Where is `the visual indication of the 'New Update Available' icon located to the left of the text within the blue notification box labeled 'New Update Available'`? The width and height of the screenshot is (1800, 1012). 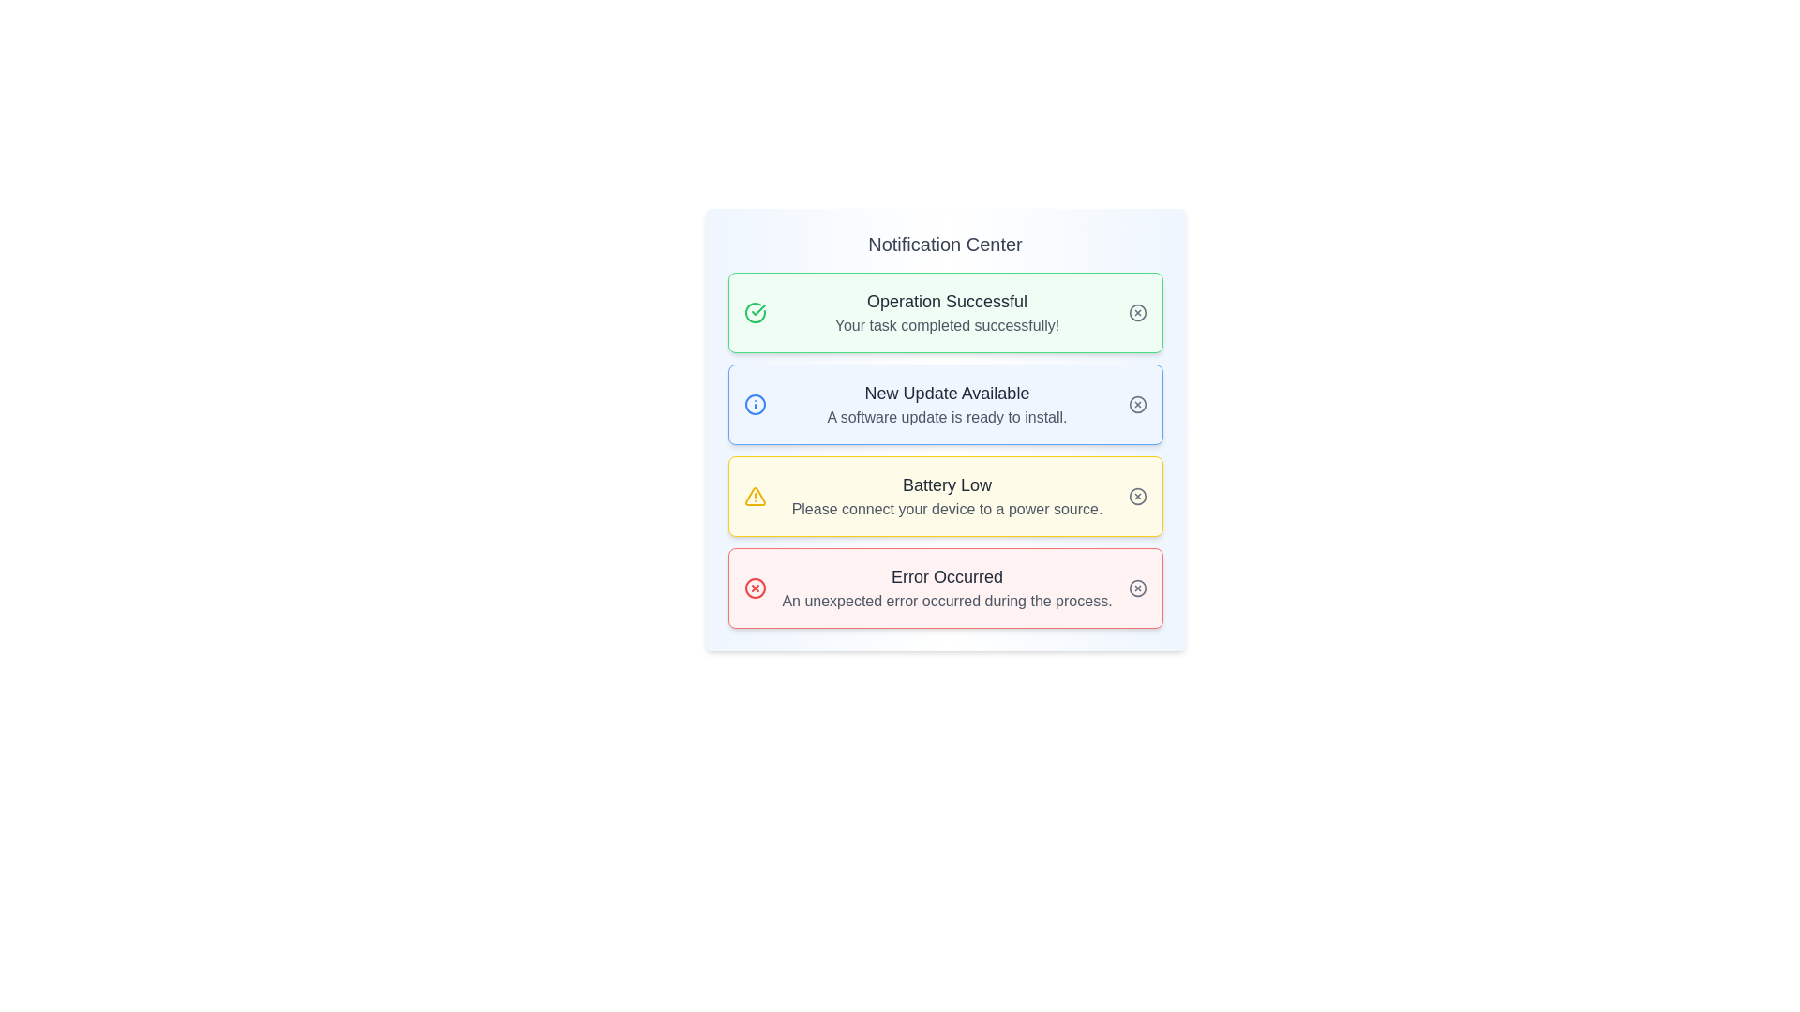 the visual indication of the 'New Update Available' icon located to the left of the text within the blue notification box labeled 'New Update Available' is located at coordinates (755, 404).